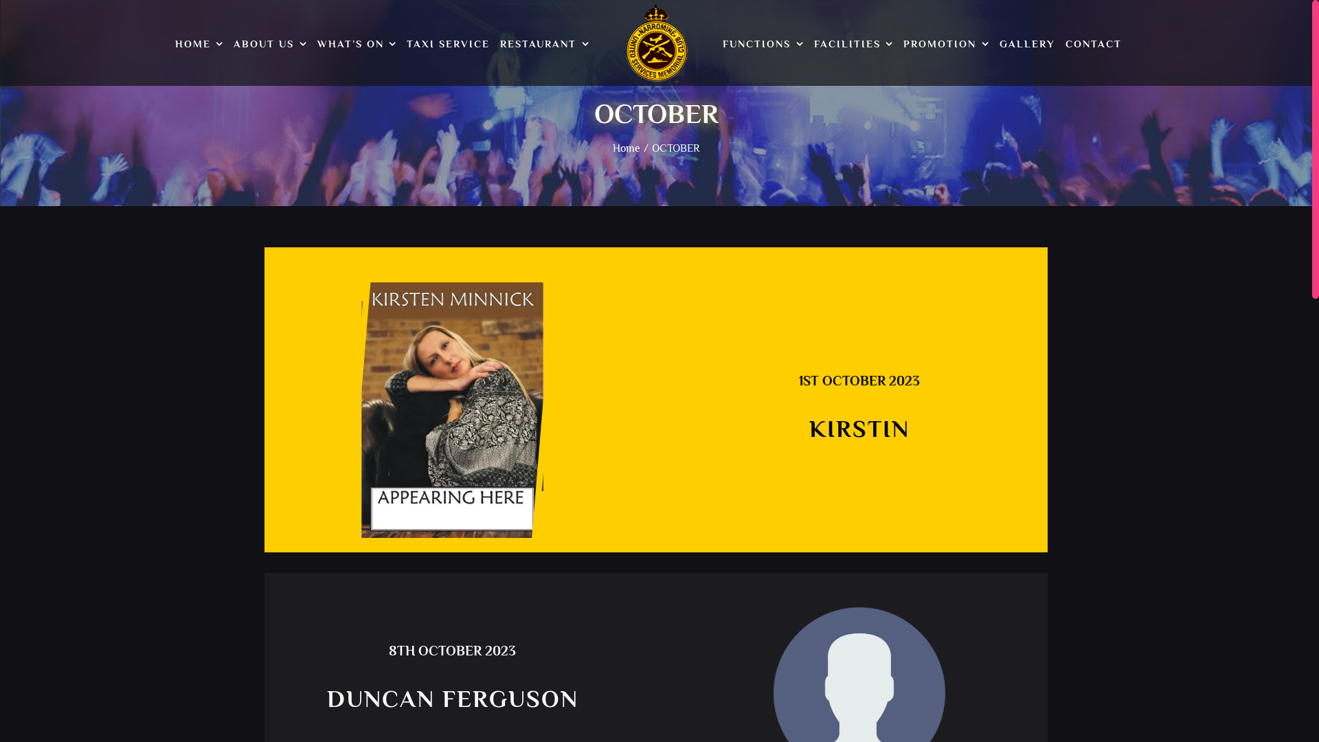 This screenshot has height=742, width=1319. What do you see at coordinates (270, 44) in the screenshot?
I see `'ABOUT US'` at bounding box center [270, 44].